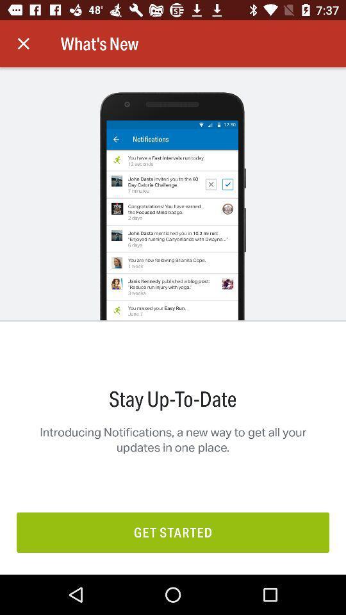 Image resolution: width=346 pixels, height=615 pixels. I want to click on item to the left of what's new icon, so click(23, 44).